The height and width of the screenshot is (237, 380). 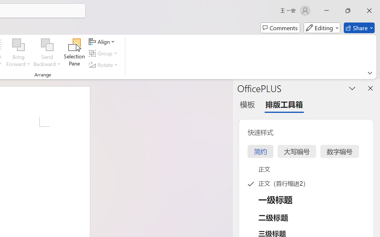 I want to click on 'Rotate', so click(x=104, y=65).